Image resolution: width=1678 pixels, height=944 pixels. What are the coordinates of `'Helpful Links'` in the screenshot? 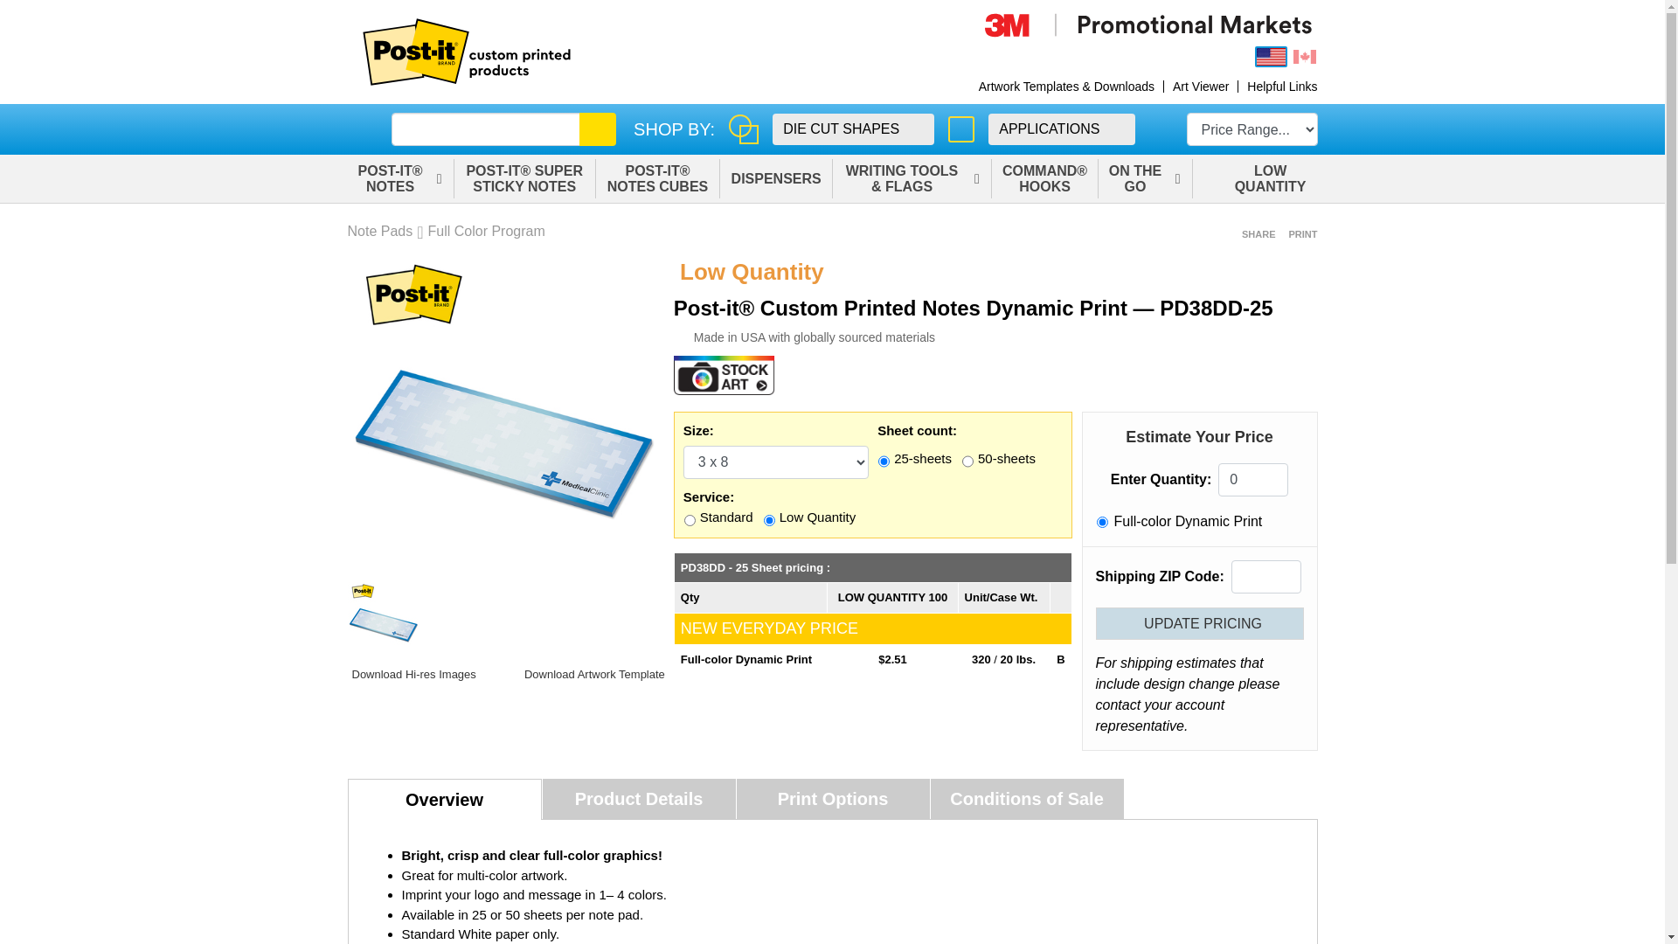 It's located at (1282, 87).